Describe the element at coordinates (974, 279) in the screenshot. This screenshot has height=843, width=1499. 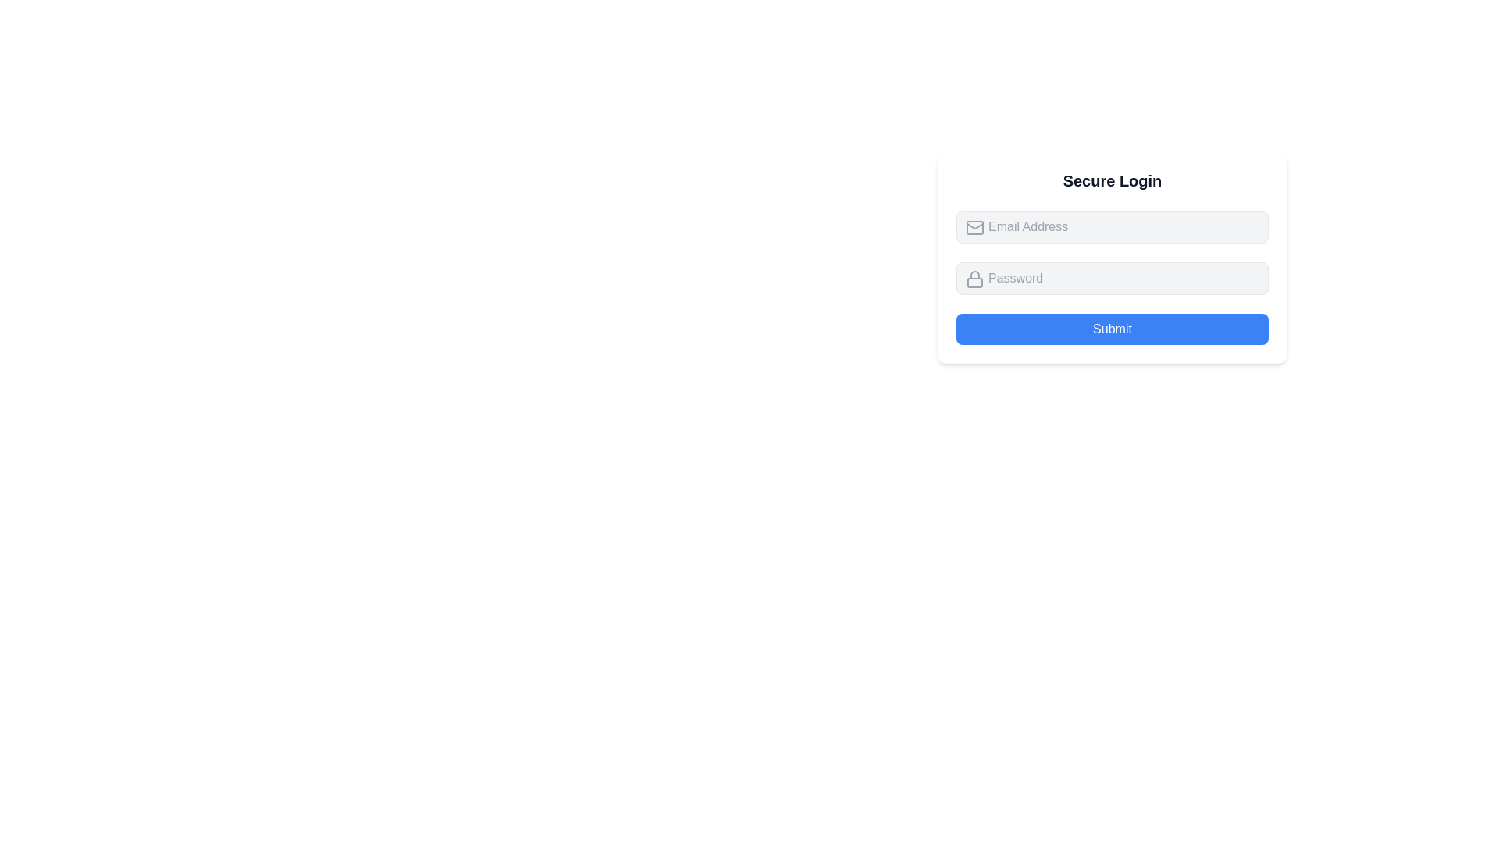
I see `the minimalist lock icon used for security in the password input field, which is positioned near the left margin of the field` at that location.